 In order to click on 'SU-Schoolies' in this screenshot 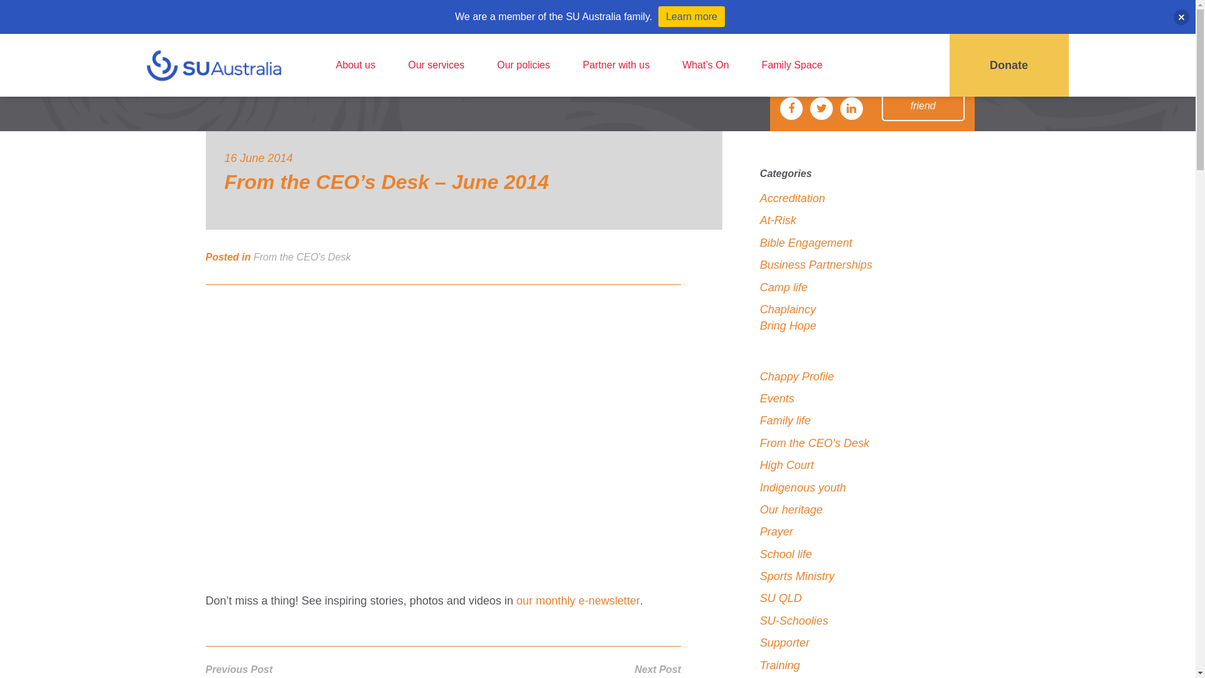, I will do `click(793, 620)`.